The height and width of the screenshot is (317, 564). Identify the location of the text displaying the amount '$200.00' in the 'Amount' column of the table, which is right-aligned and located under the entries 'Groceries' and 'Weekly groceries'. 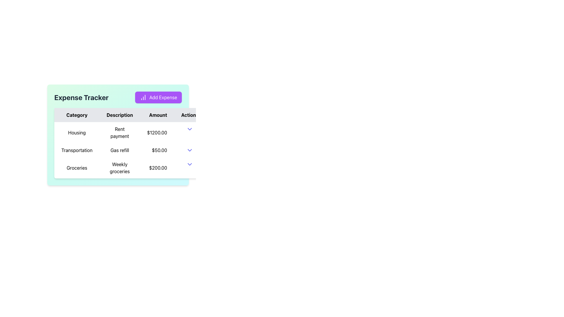
(157, 168).